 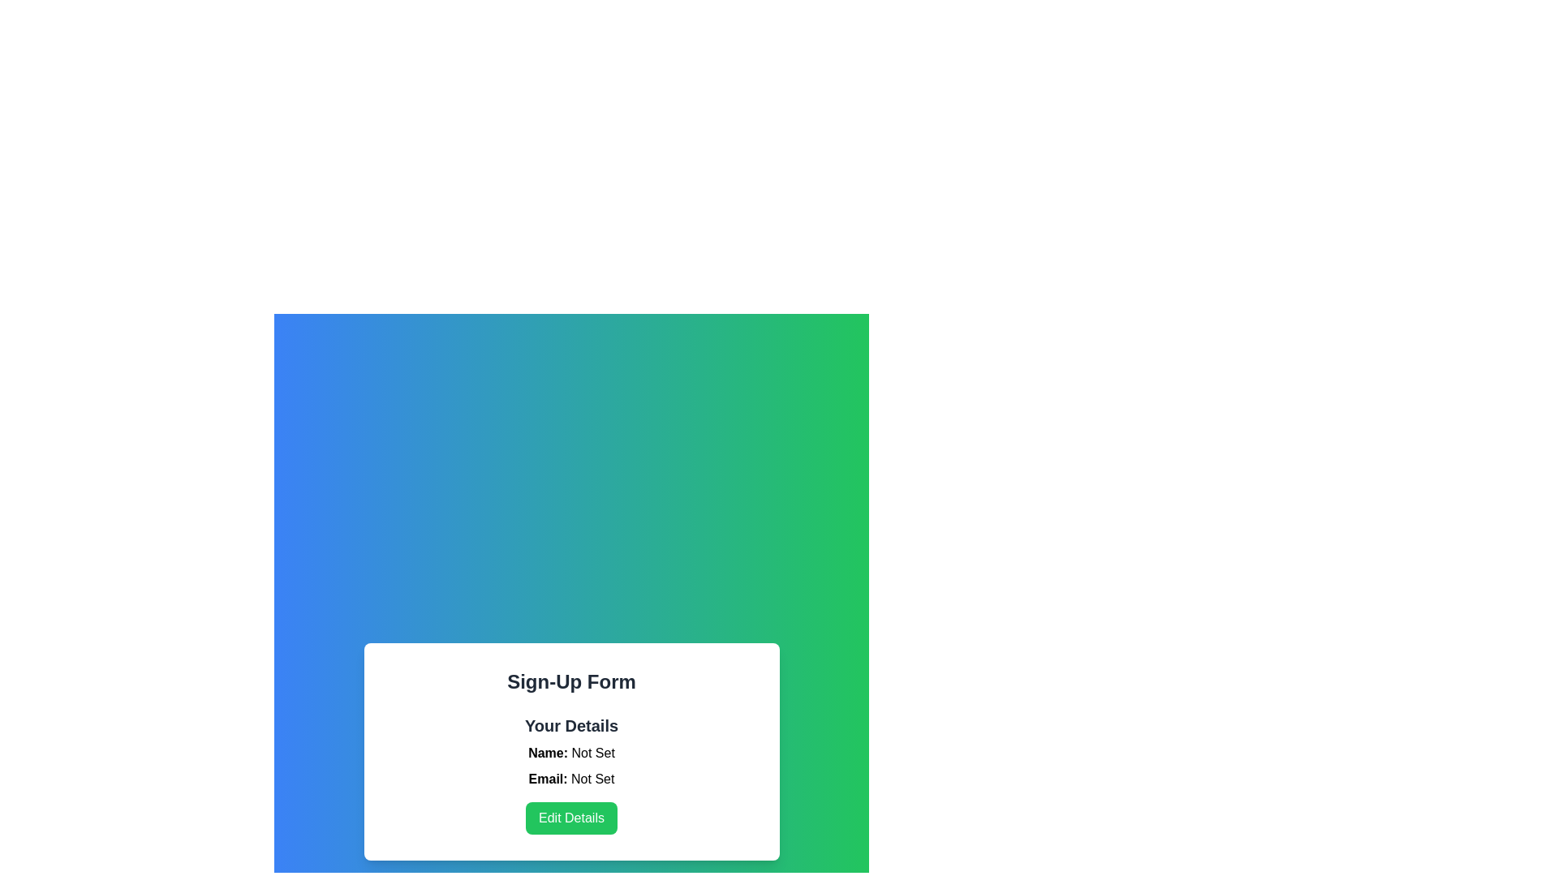 What do you see at coordinates (548, 778) in the screenshot?
I see `the Text label indicating the email address next to the 'Not Set' text in the 'Your Details' section` at bounding box center [548, 778].